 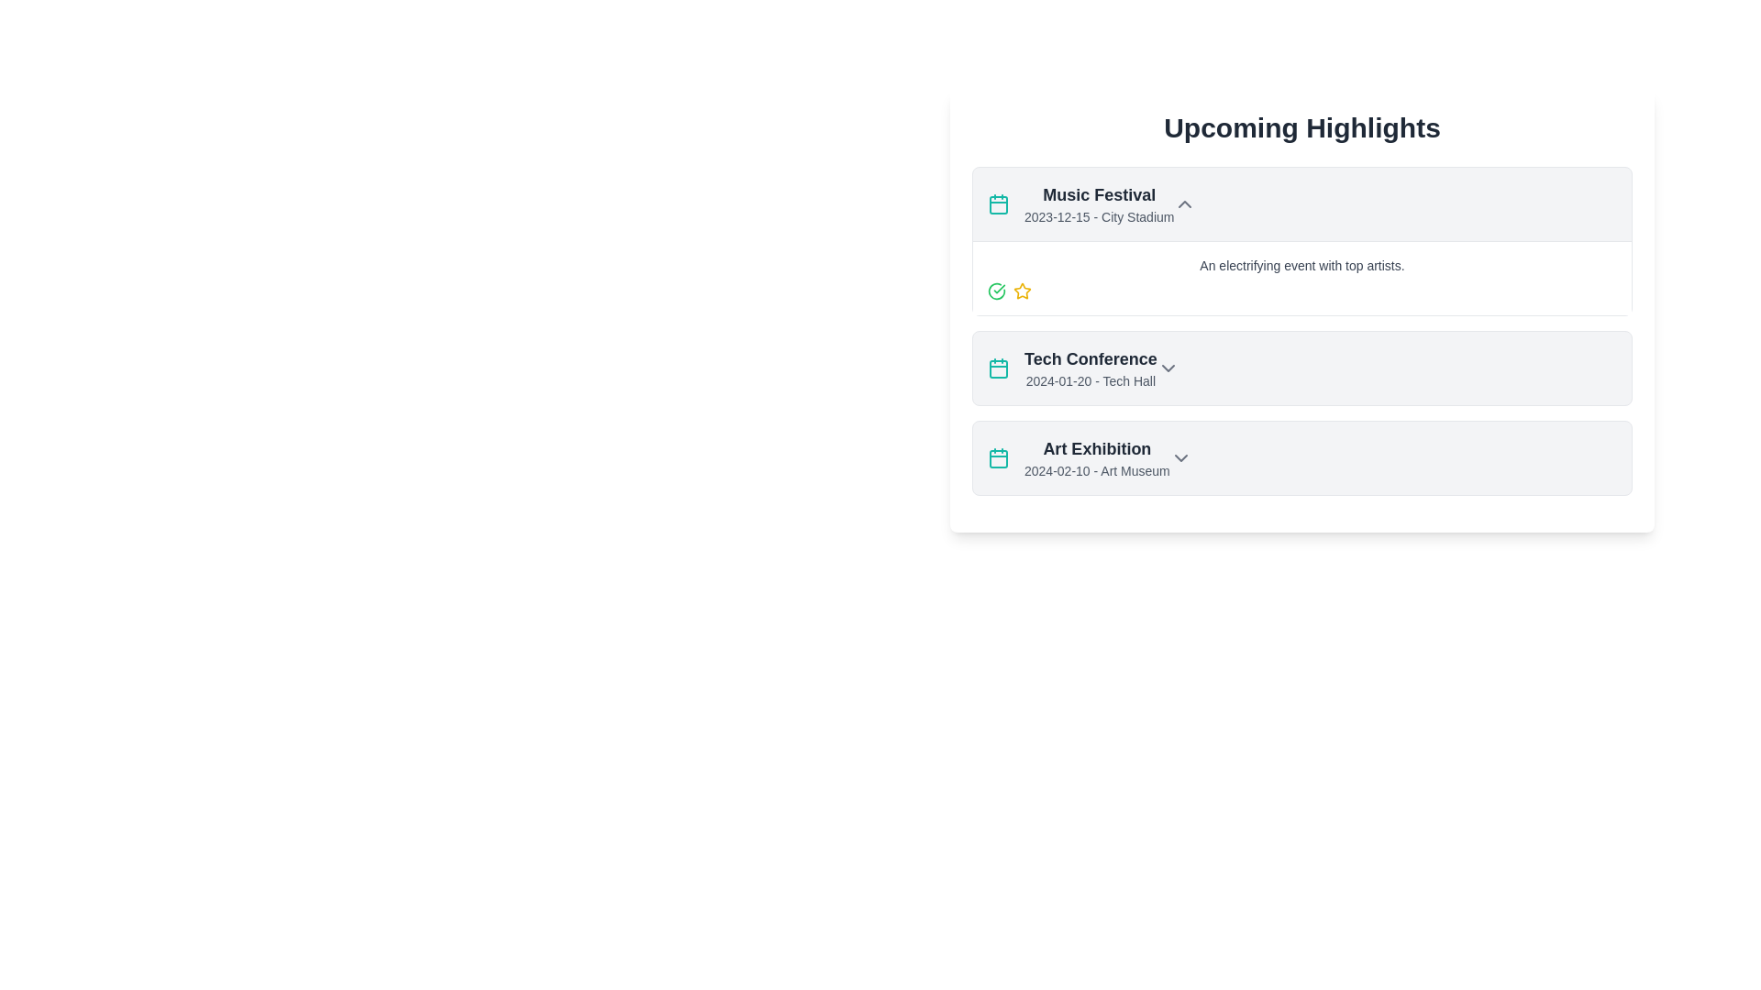 What do you see at coordinates (998, 204) in the screenshot?
I see `the small rounded rectangle icon within the SVG calendar illustration, located in the top-left corner of the first event entry next to the 'Music Festival' title` at bounding box center [998, 204].